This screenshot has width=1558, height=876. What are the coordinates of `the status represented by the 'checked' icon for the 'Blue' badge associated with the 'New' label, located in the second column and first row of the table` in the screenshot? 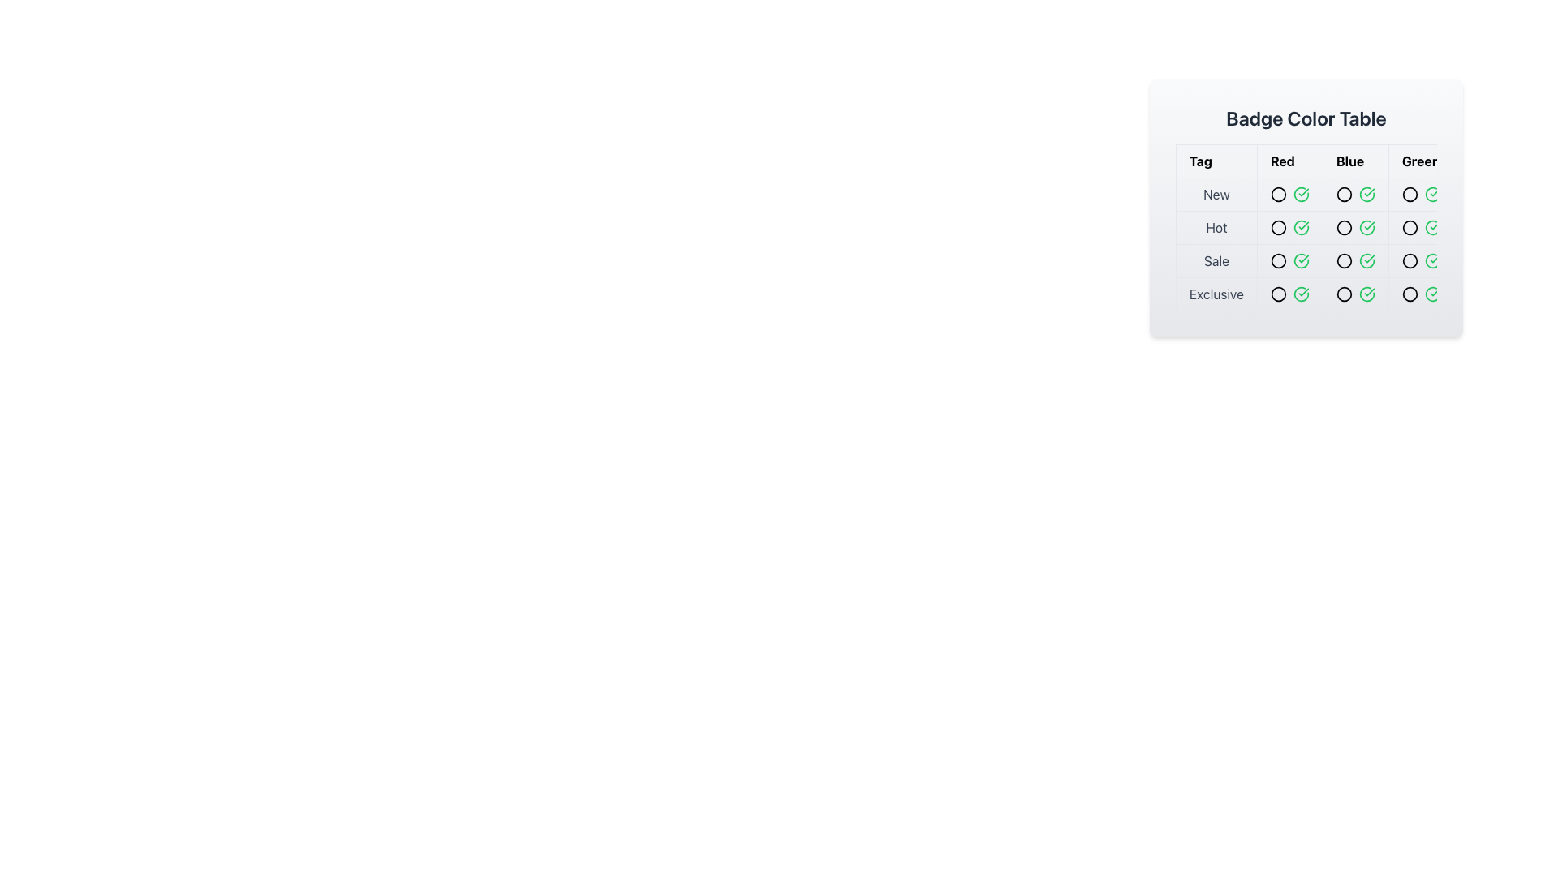 It's located at (1366, 193).